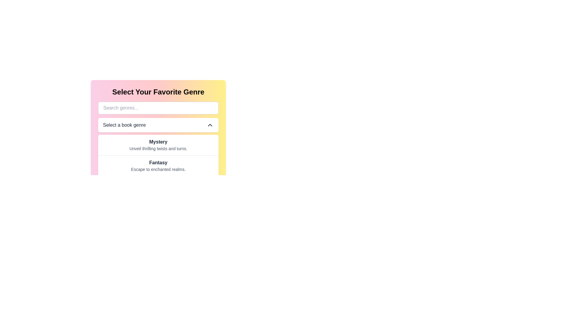  I want to click on the 'Fantasy' text label, which serves as an informational label for the genre category, positioned centrally above the descriptive text and below the previous genre entry, so click(158, 162).